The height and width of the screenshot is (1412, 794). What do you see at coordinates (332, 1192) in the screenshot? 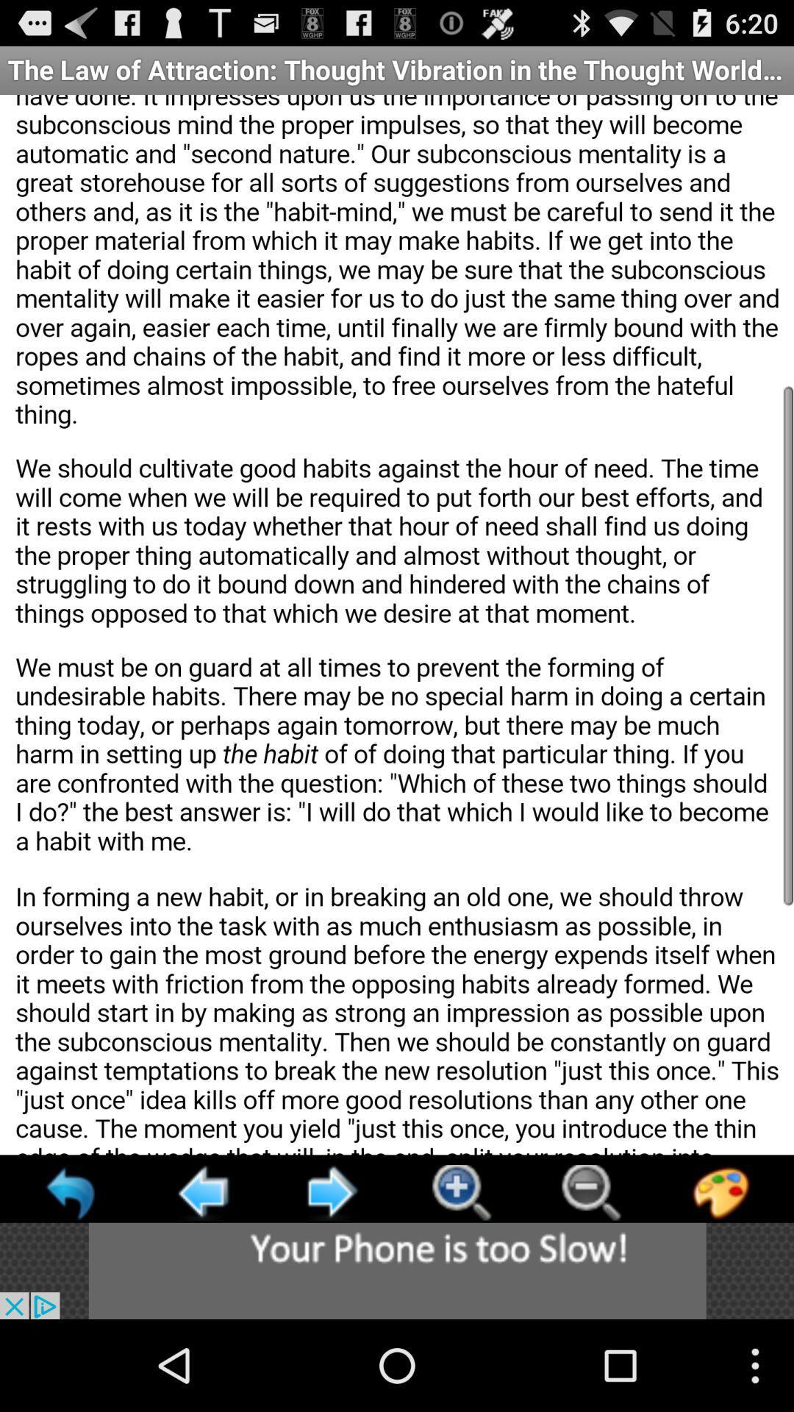
I see `go forward` at bounding box center [332, 1192].